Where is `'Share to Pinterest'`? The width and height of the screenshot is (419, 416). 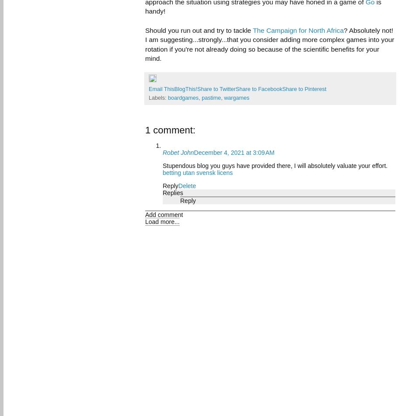
'Share to Pinterest' is located at coordinates (304, 89).